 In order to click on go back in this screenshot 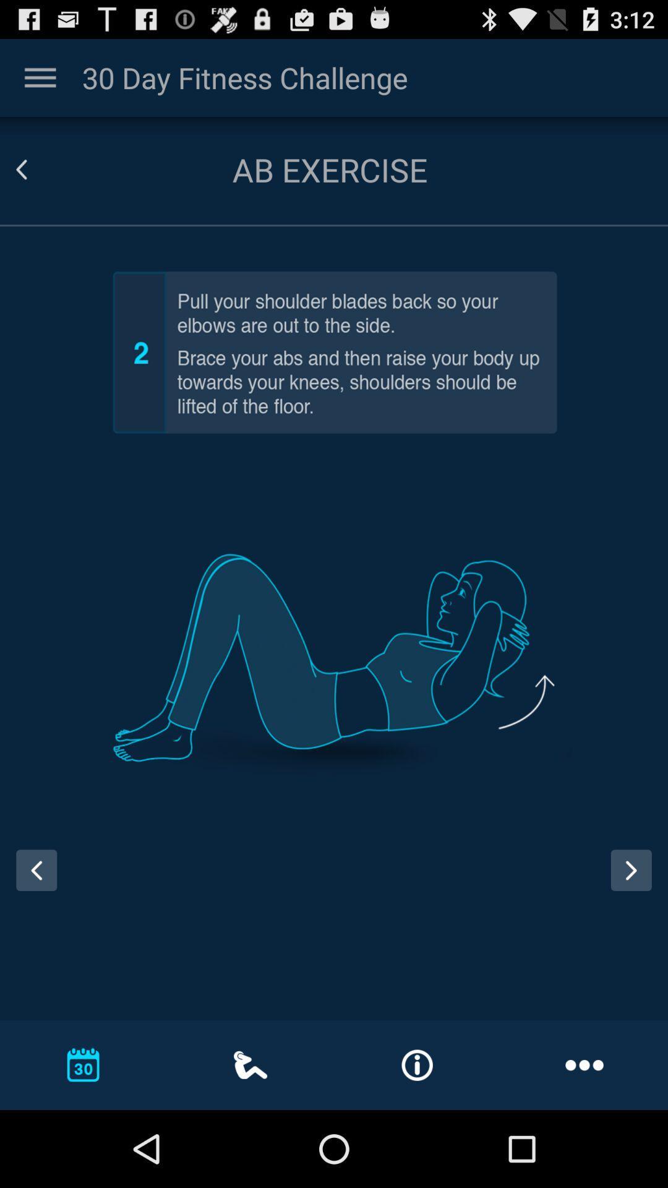, I will do `click(32, 881)`.